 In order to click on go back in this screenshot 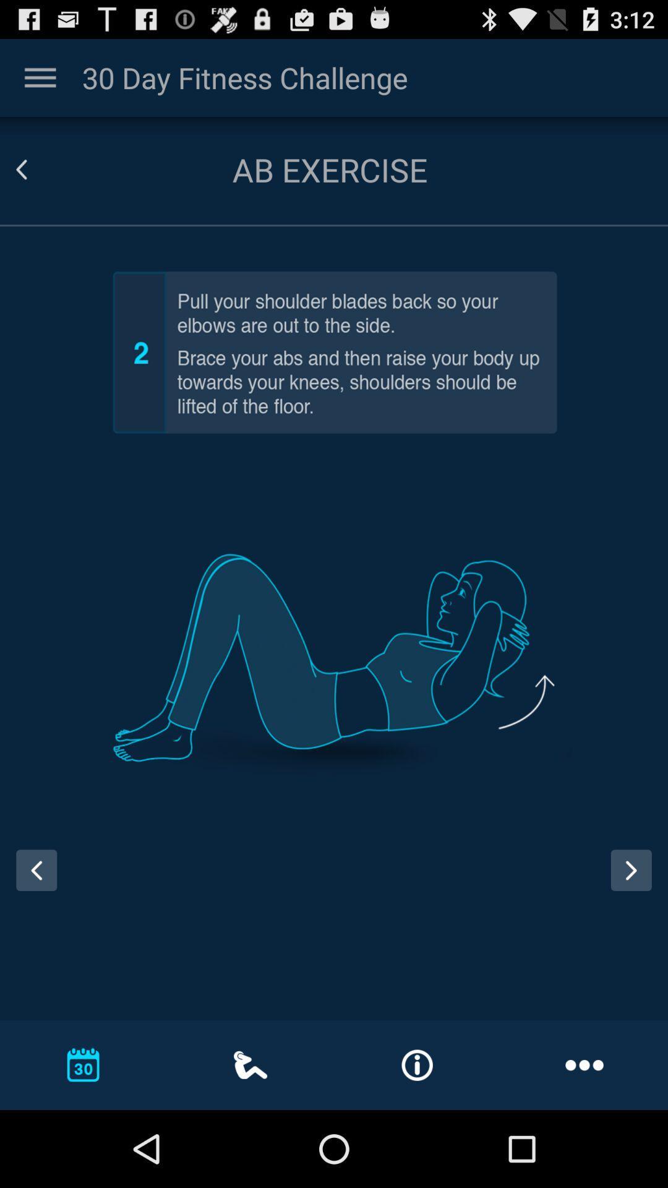, I will do `click(32, 881)`.